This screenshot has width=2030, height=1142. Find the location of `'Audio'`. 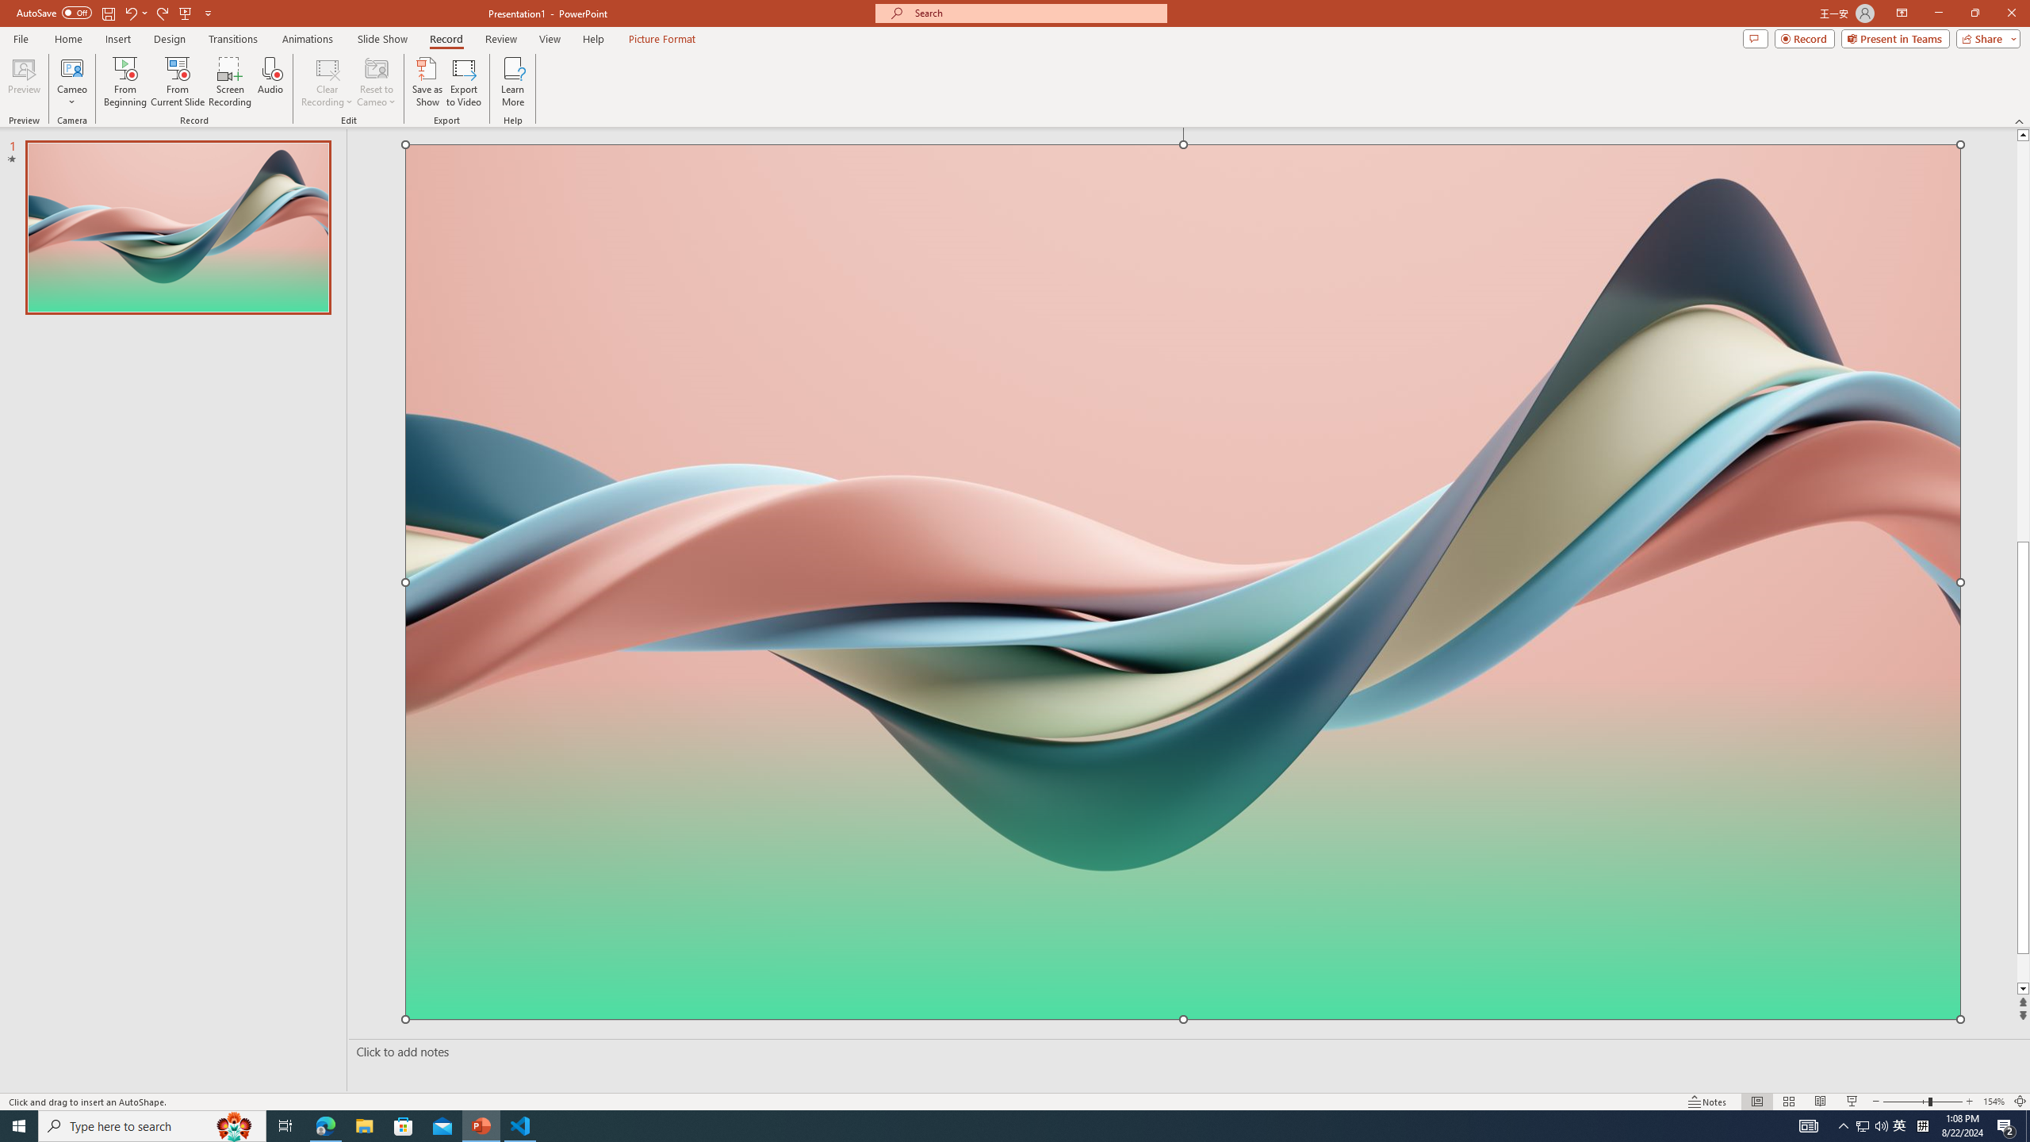

'Audio' is located at coordinates (269, 82).